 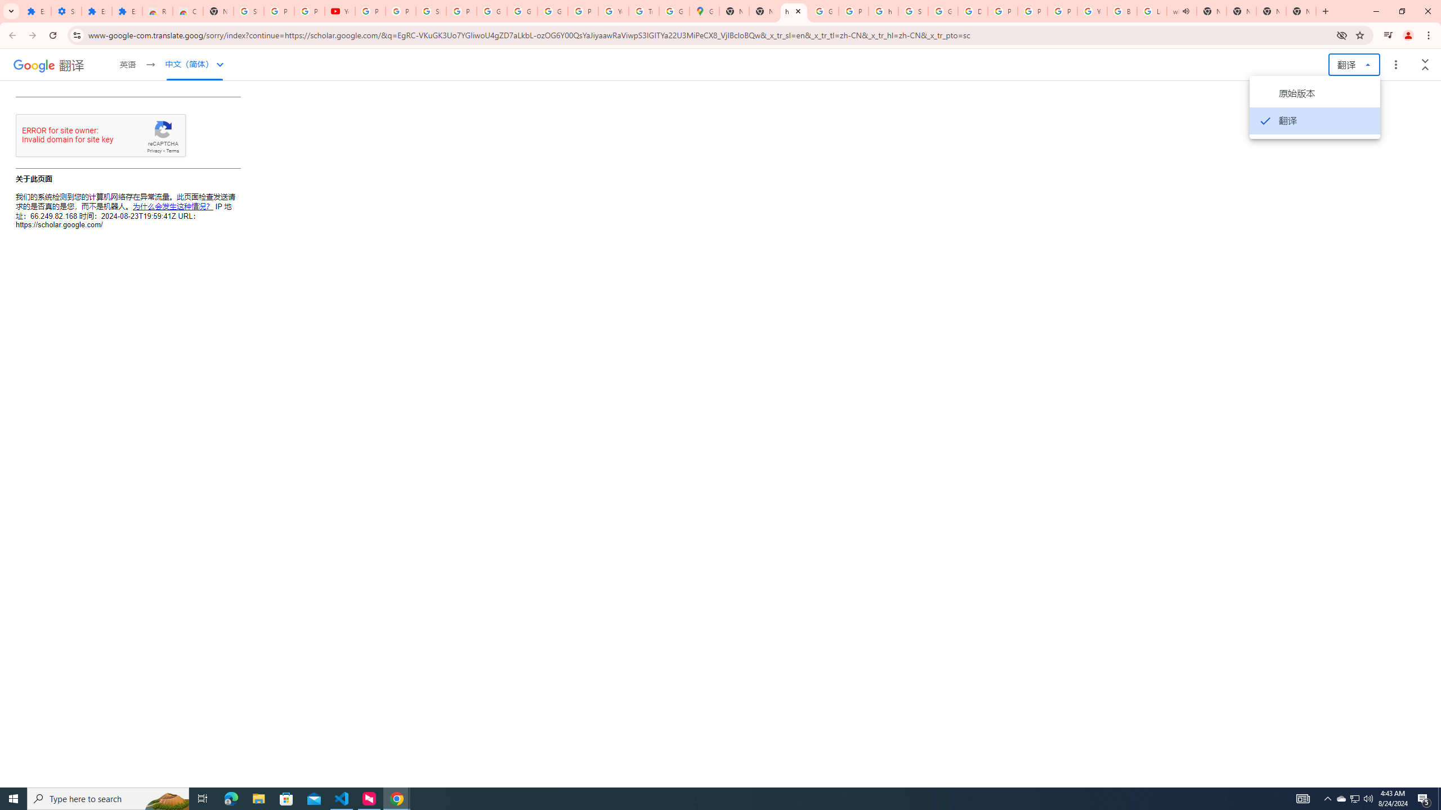 What do you see at coordinates (36, 11) in the screenshot?
I see `'Extensions'` at bounding box center [36, 11].